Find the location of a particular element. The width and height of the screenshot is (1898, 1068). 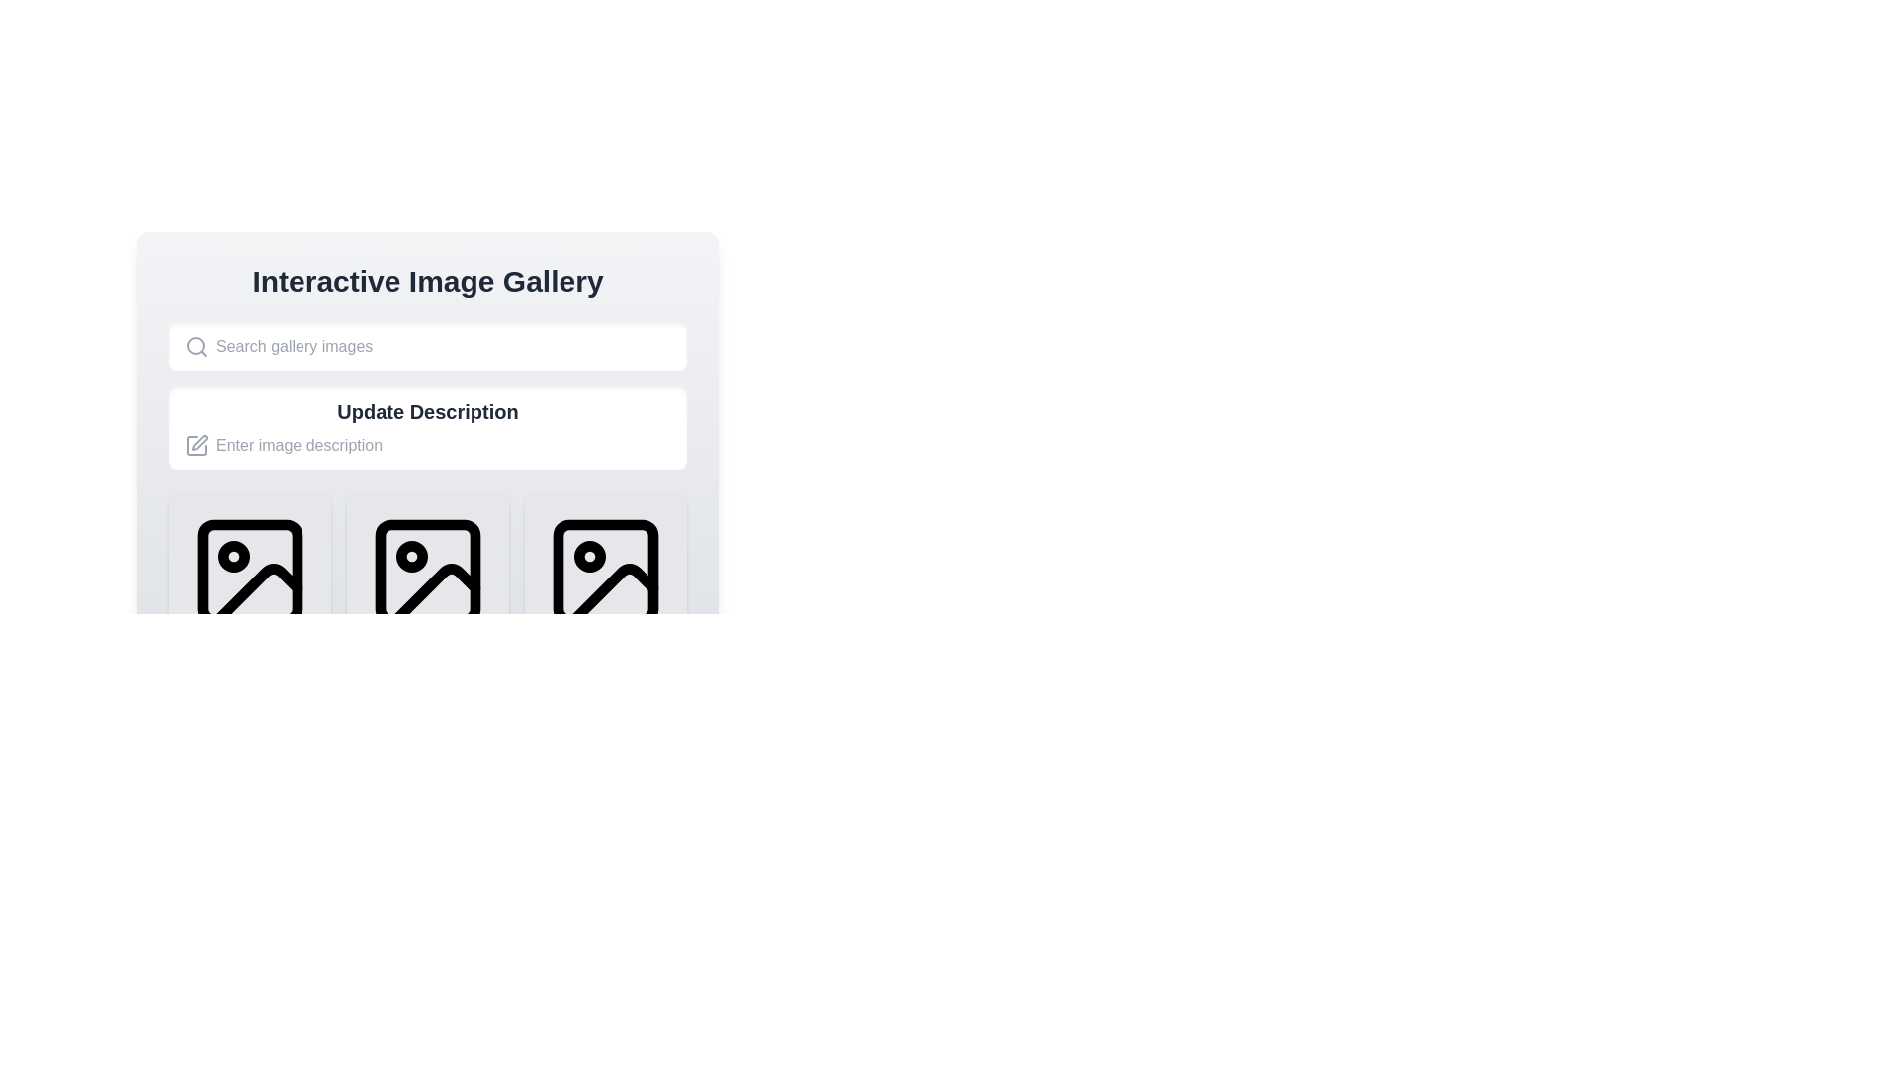

the gray square-shaped icon button resembling a pen, located on the left side of the 'Update Description' section, adjacent to the input field is located at coordinates (196, 446).